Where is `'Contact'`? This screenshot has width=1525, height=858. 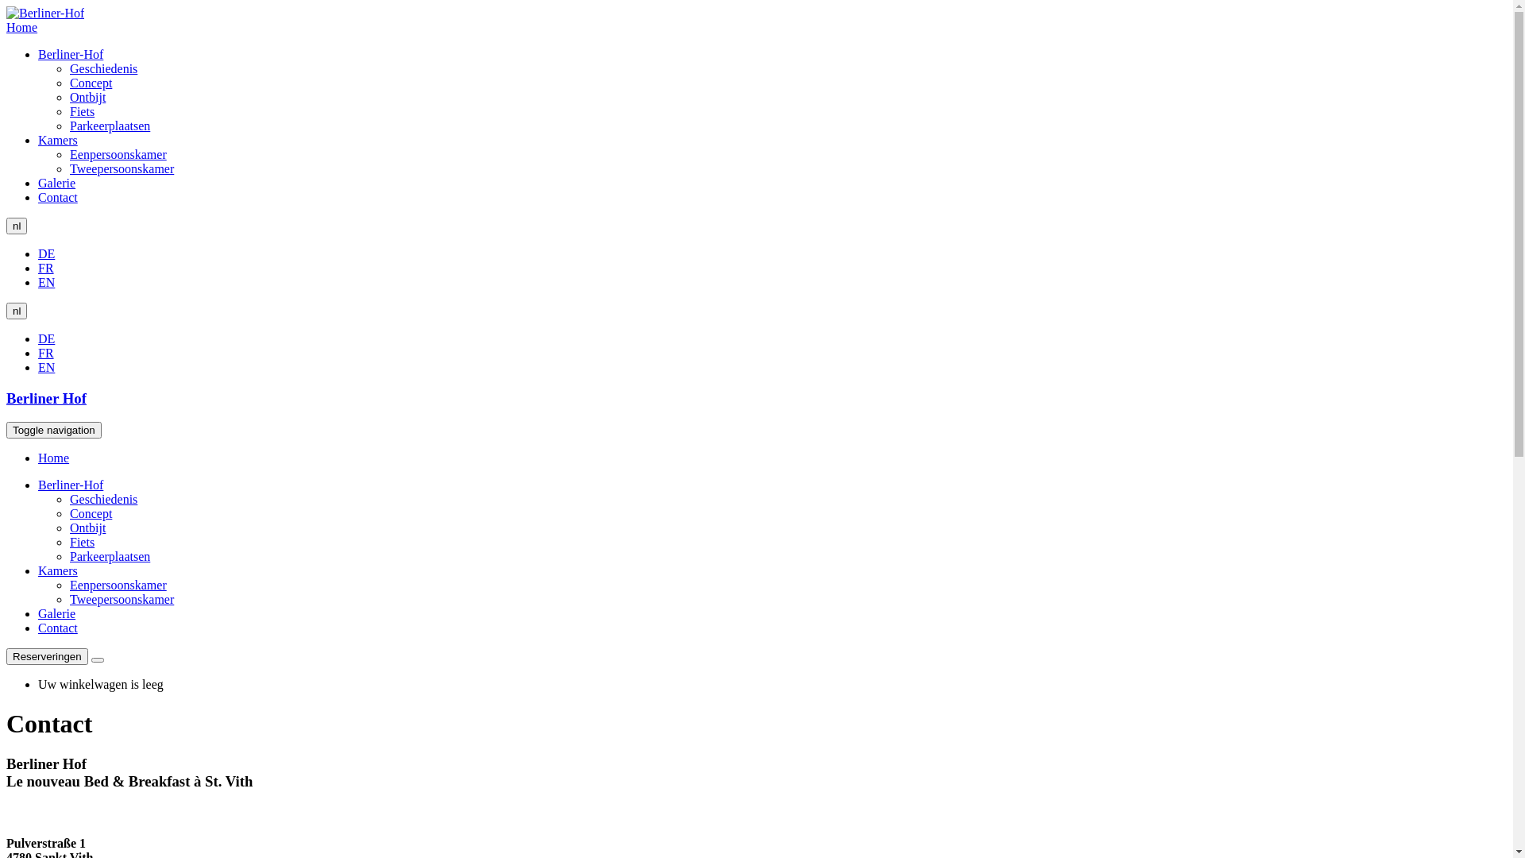 'Contact' is located at coordinates (57, 196).